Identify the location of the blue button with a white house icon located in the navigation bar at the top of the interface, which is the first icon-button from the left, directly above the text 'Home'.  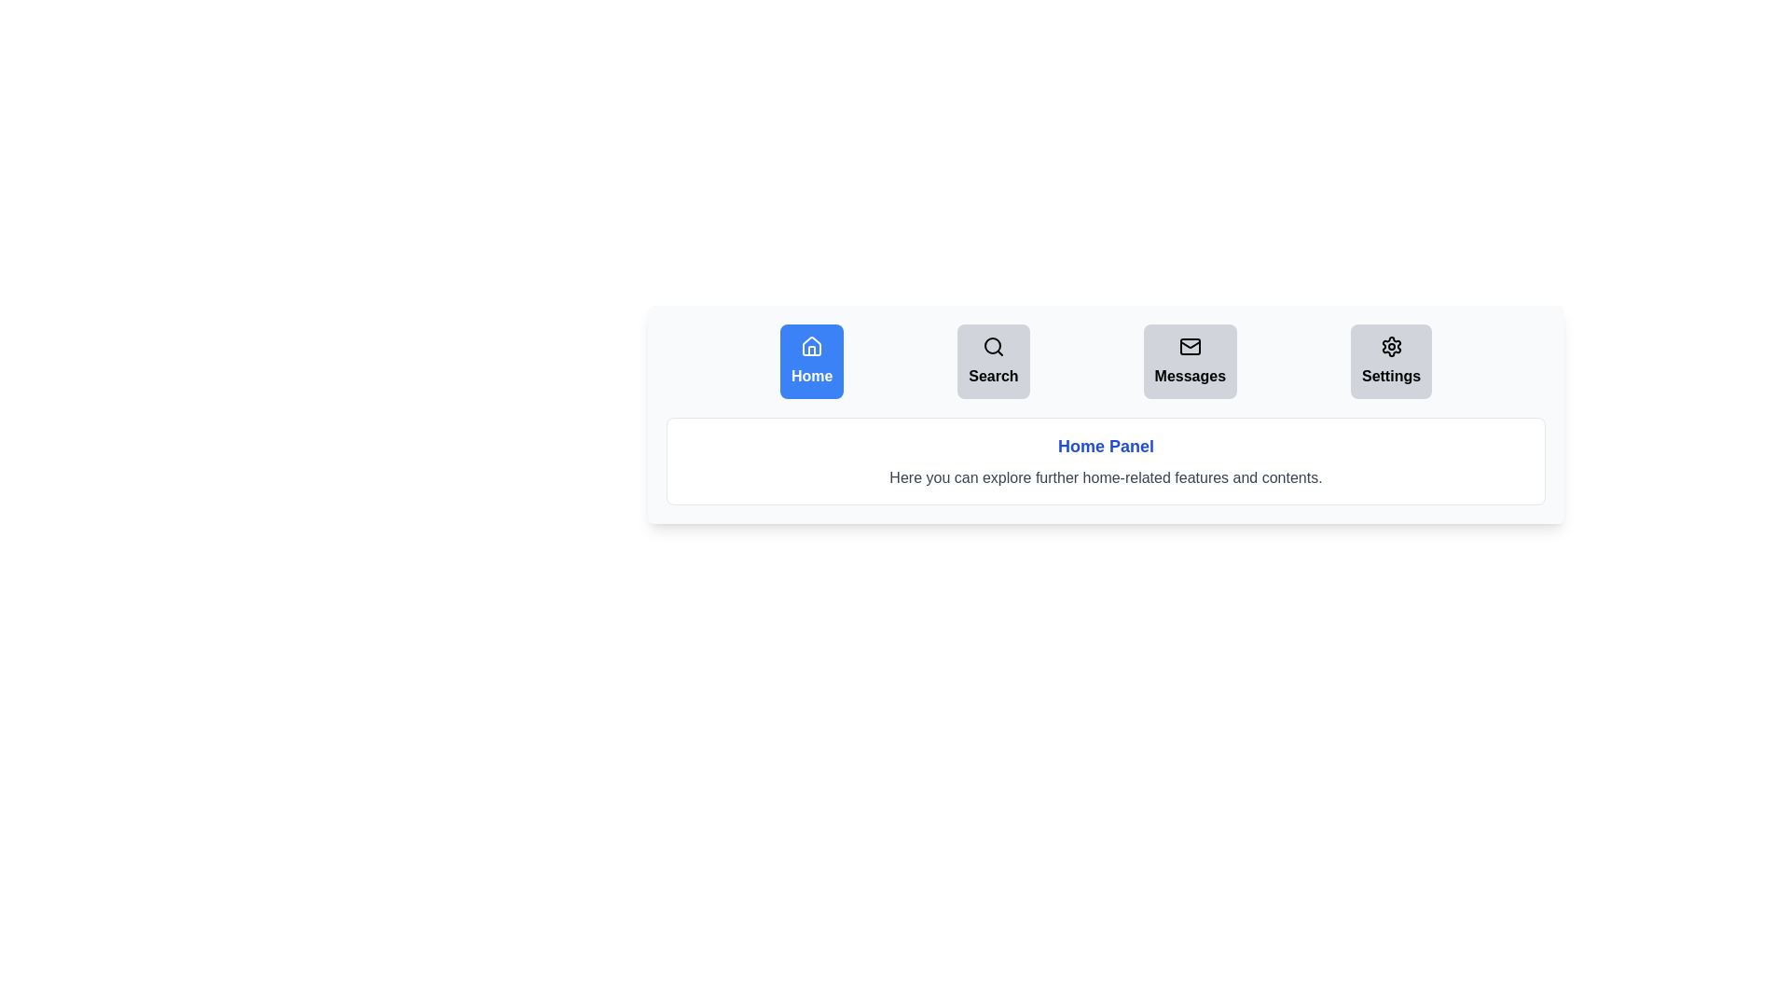
(812, 351).